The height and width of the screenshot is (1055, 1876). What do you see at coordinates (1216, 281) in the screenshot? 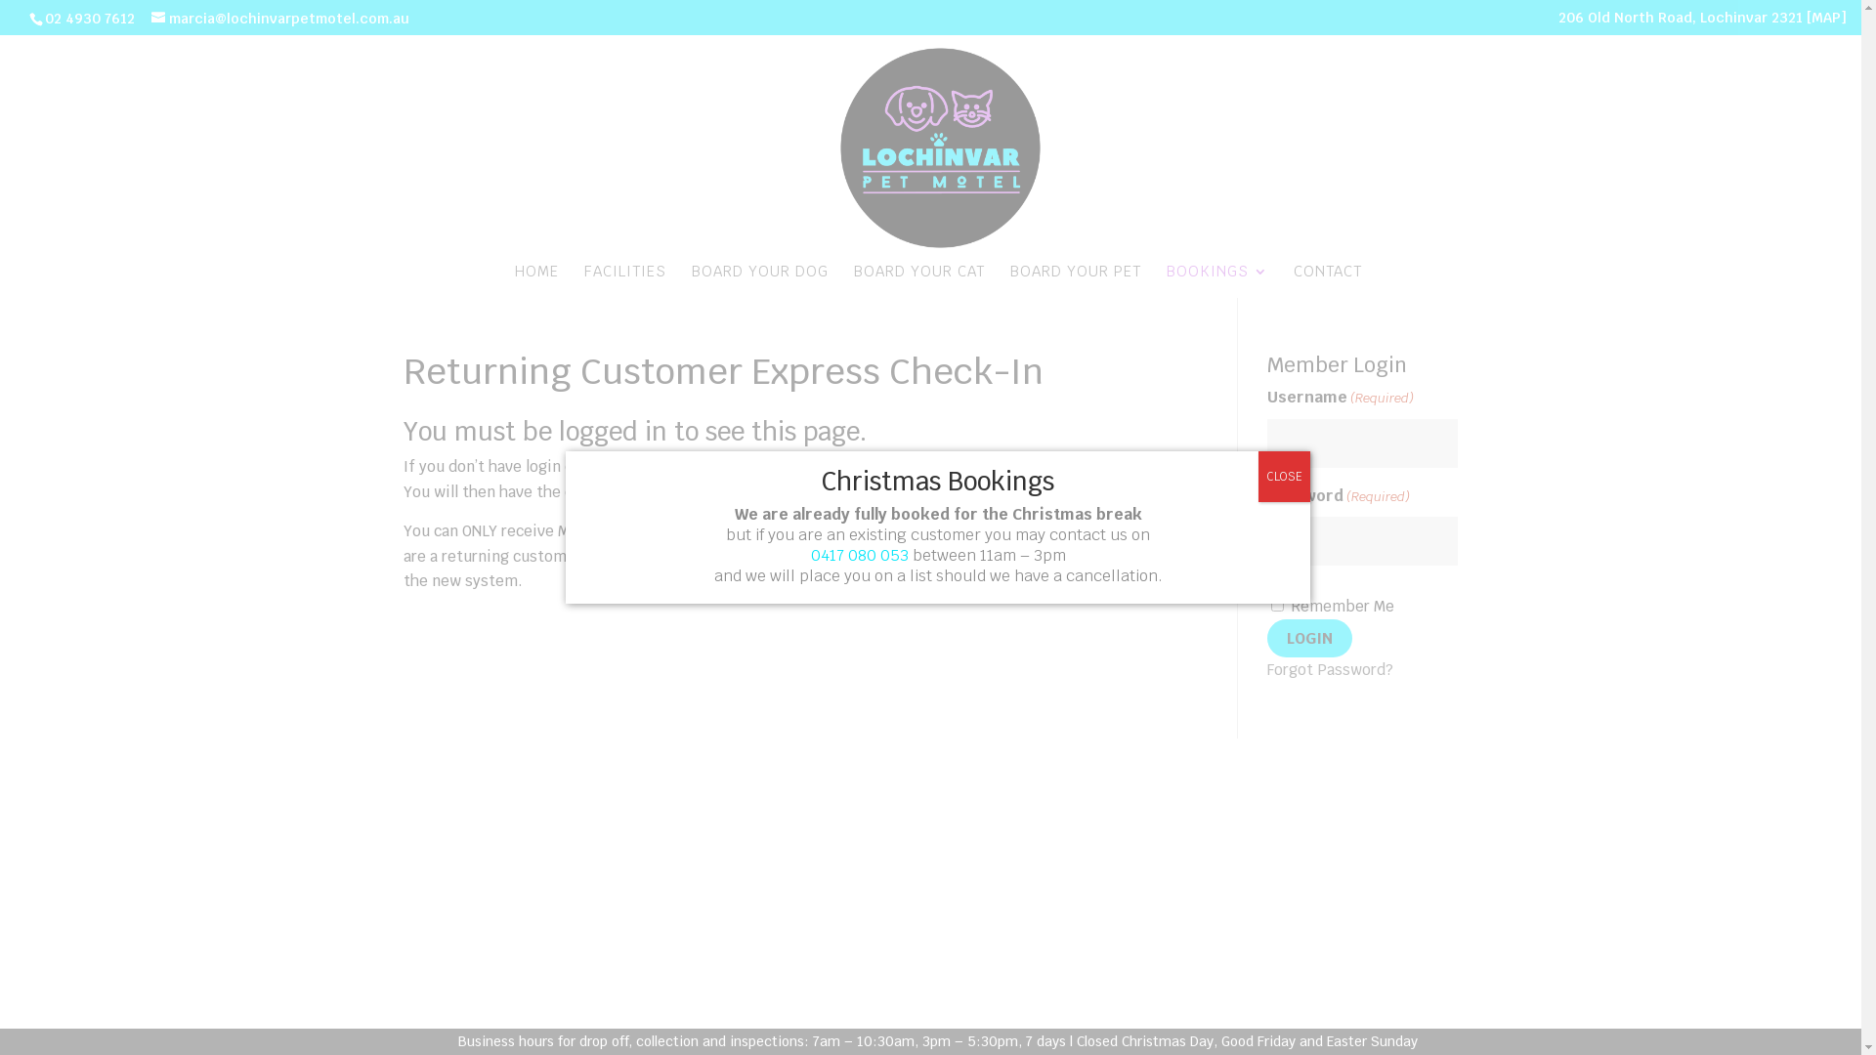
I see `'BOOKINGS'` at bounding box center [1216, 281].